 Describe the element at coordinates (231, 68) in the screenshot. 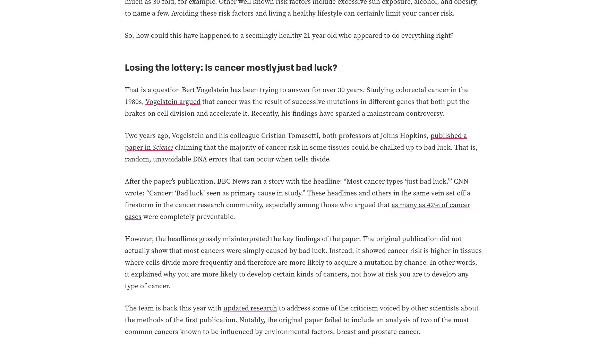

I see `'Losing the lottery: Is cancer mostly just bad luck?'` at that location.